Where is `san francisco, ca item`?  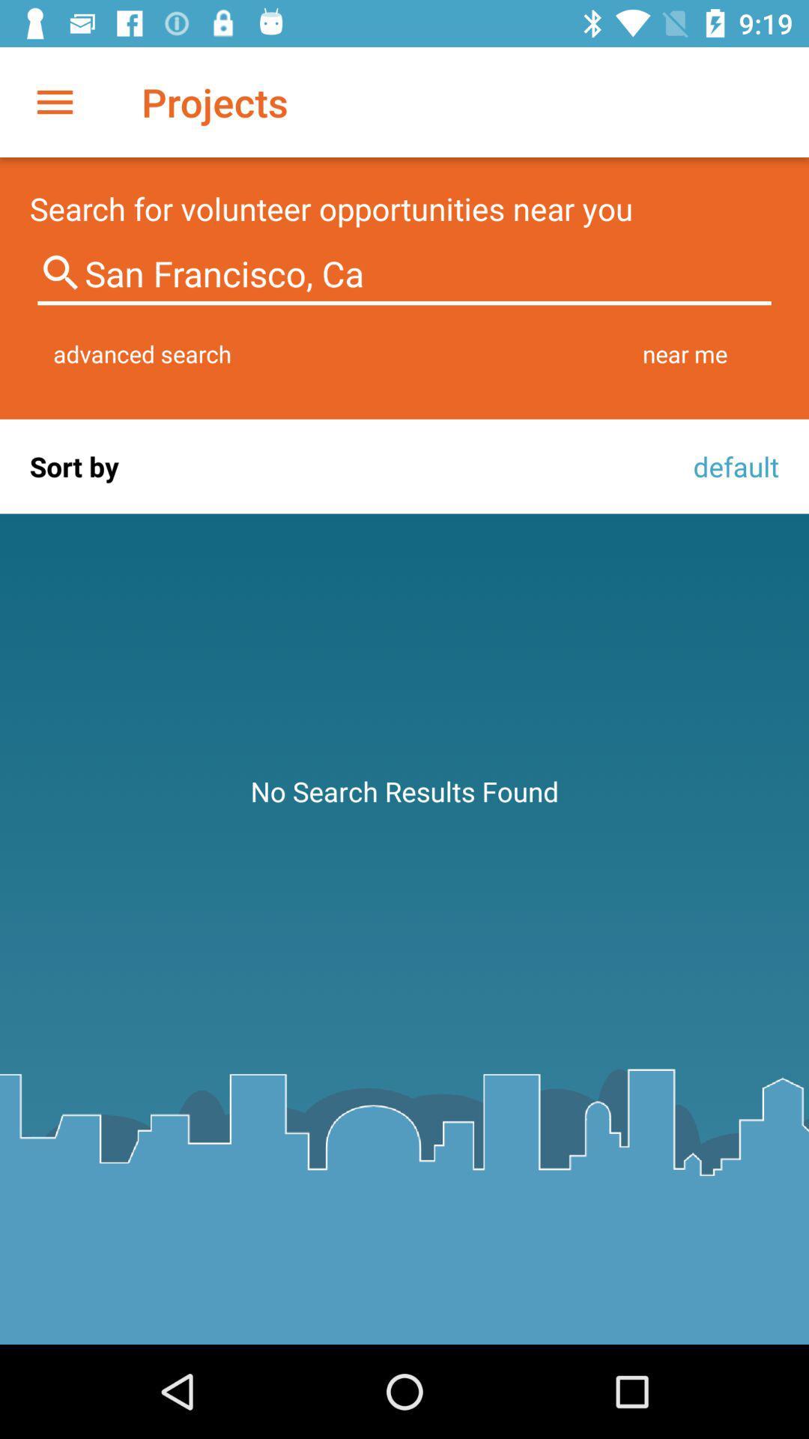
san francisco, ca item is located at coordinates (404, 274).